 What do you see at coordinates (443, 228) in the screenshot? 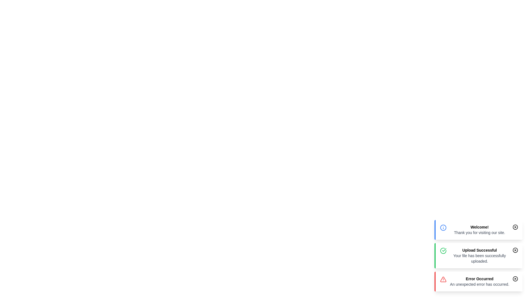
I see `the blue circular outline that is the central part of the information icon at the top of the first card header` at bounding box center [443, 228].